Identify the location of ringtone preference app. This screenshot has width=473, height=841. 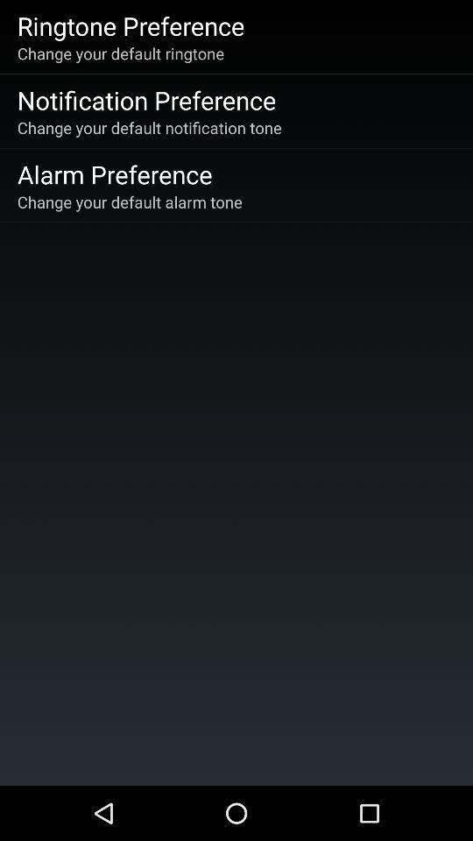
(130, 25).